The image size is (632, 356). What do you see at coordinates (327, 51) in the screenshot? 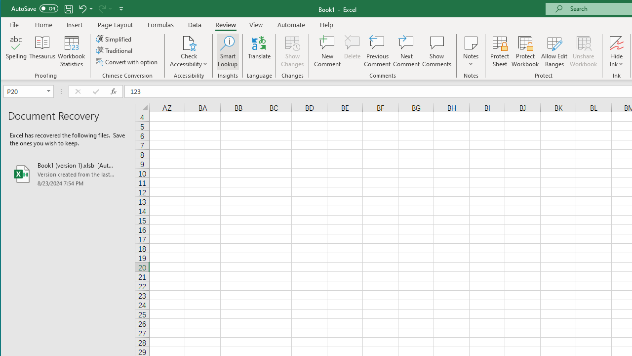
I see `'New Comment'` at bounding box center [327, 51].